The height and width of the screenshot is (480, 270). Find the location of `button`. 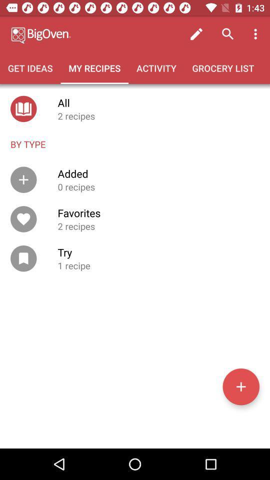

button is located at coordinates (240, 386).